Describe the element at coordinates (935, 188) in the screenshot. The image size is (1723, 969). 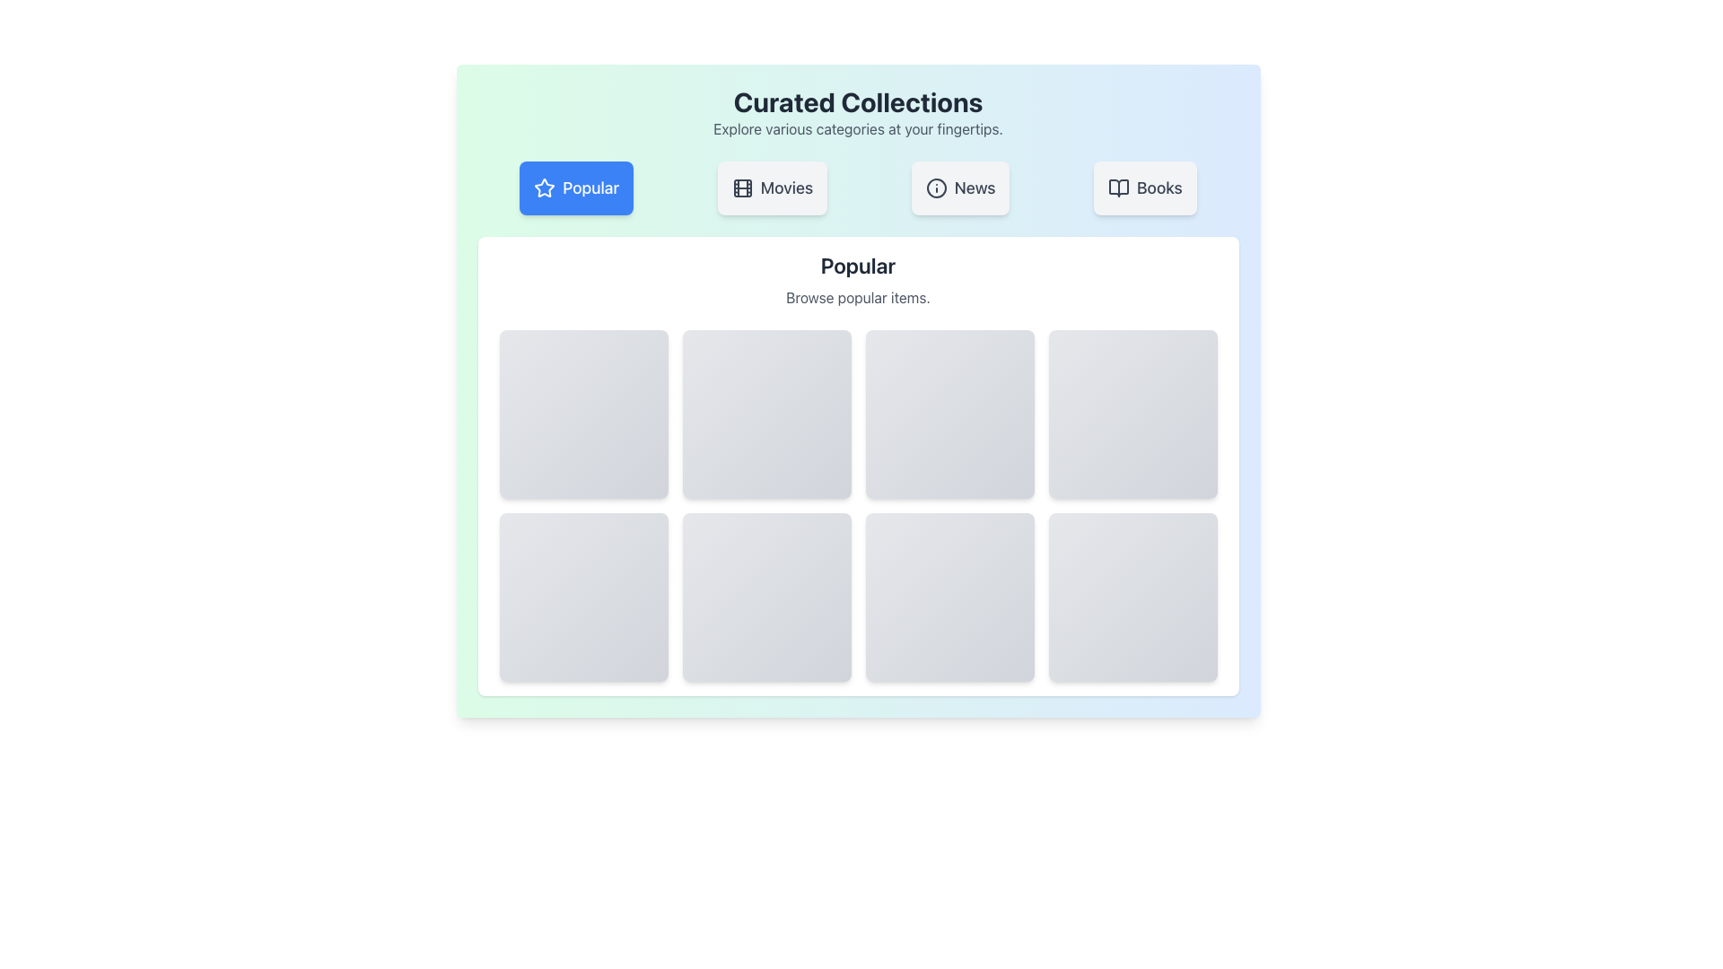
I see `the identifying icon next to the 'News' button` at that location.